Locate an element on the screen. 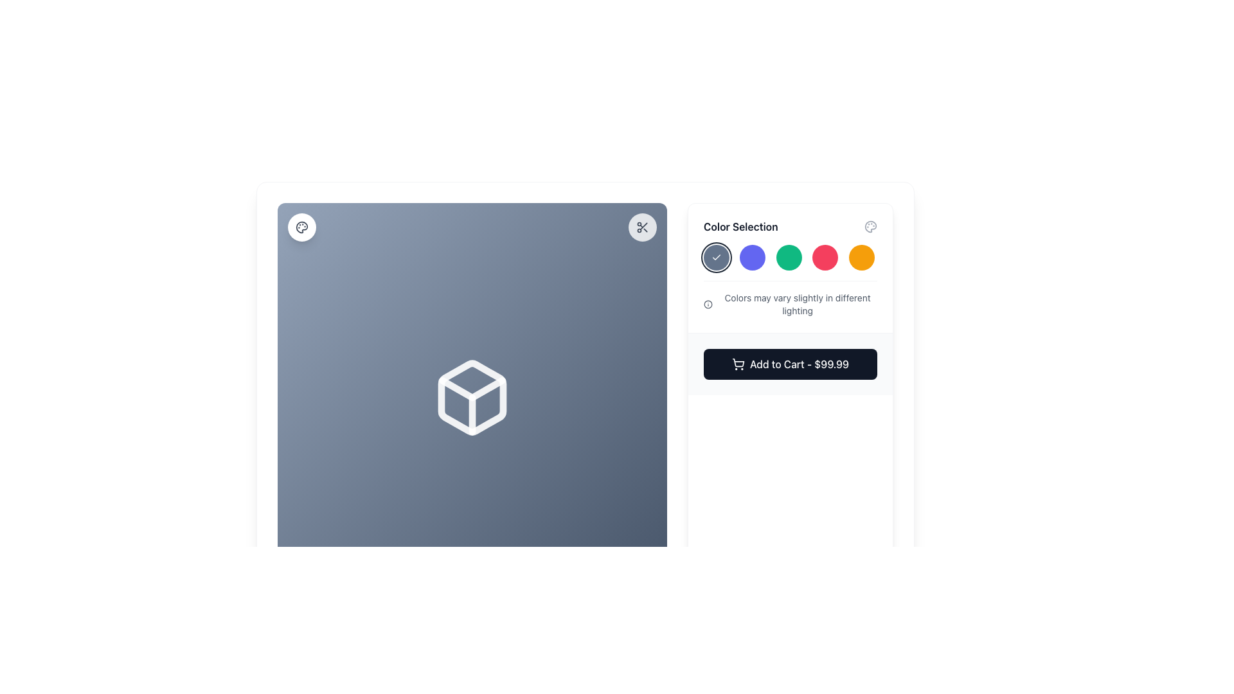 The image size is (1234, 694). the shopping cart icon that visually represents the 'Add to Cart' functionality, located to the left of the button labeled 'Add to Cart - $99.99' is located at coordinates (738, 364).